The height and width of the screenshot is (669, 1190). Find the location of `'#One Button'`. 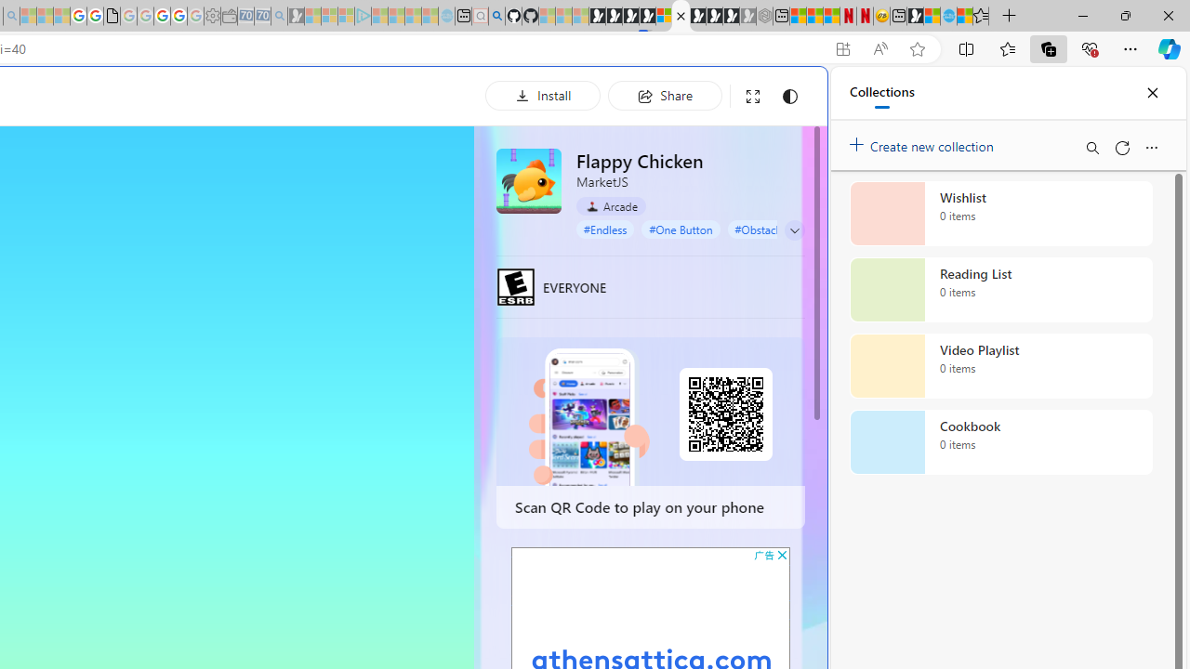

'#One Button' is located at coordinates (680, 228).